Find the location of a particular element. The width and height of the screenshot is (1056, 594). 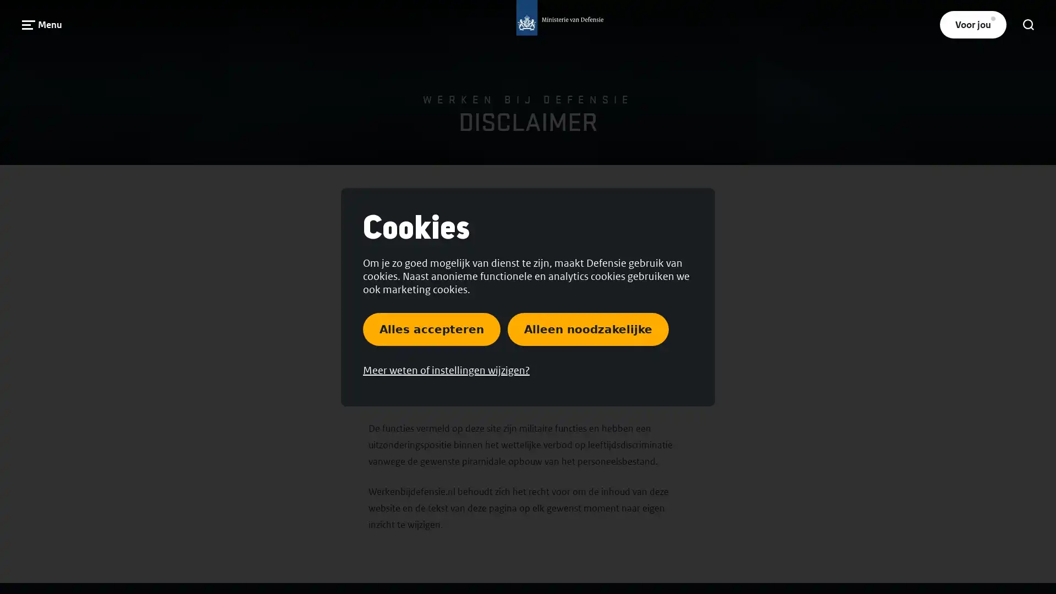

Alleen noodzakelijke is located at coordinates (587, 328).